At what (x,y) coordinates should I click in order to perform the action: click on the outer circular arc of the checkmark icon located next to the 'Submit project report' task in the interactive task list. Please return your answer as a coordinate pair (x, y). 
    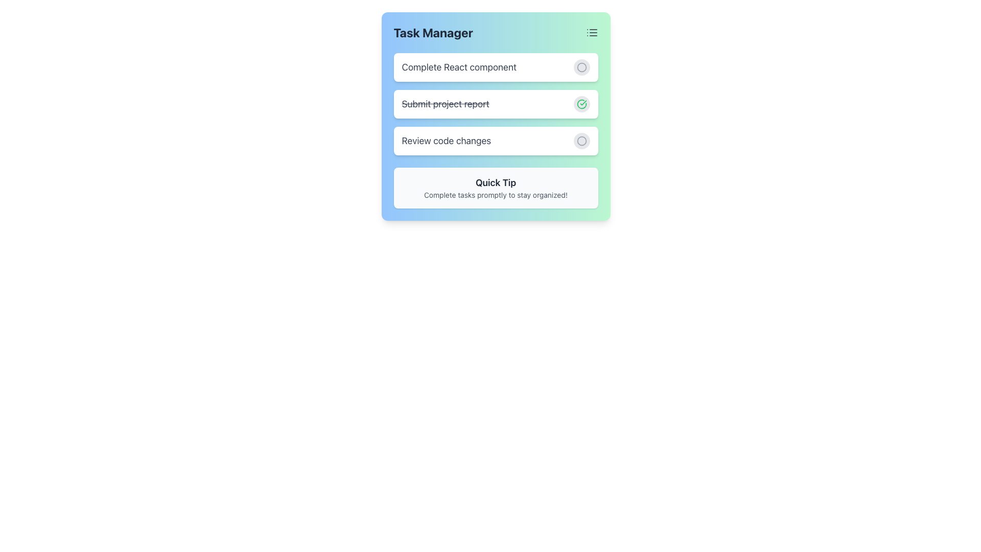
    Looking at the image, I should click on (581, 104).